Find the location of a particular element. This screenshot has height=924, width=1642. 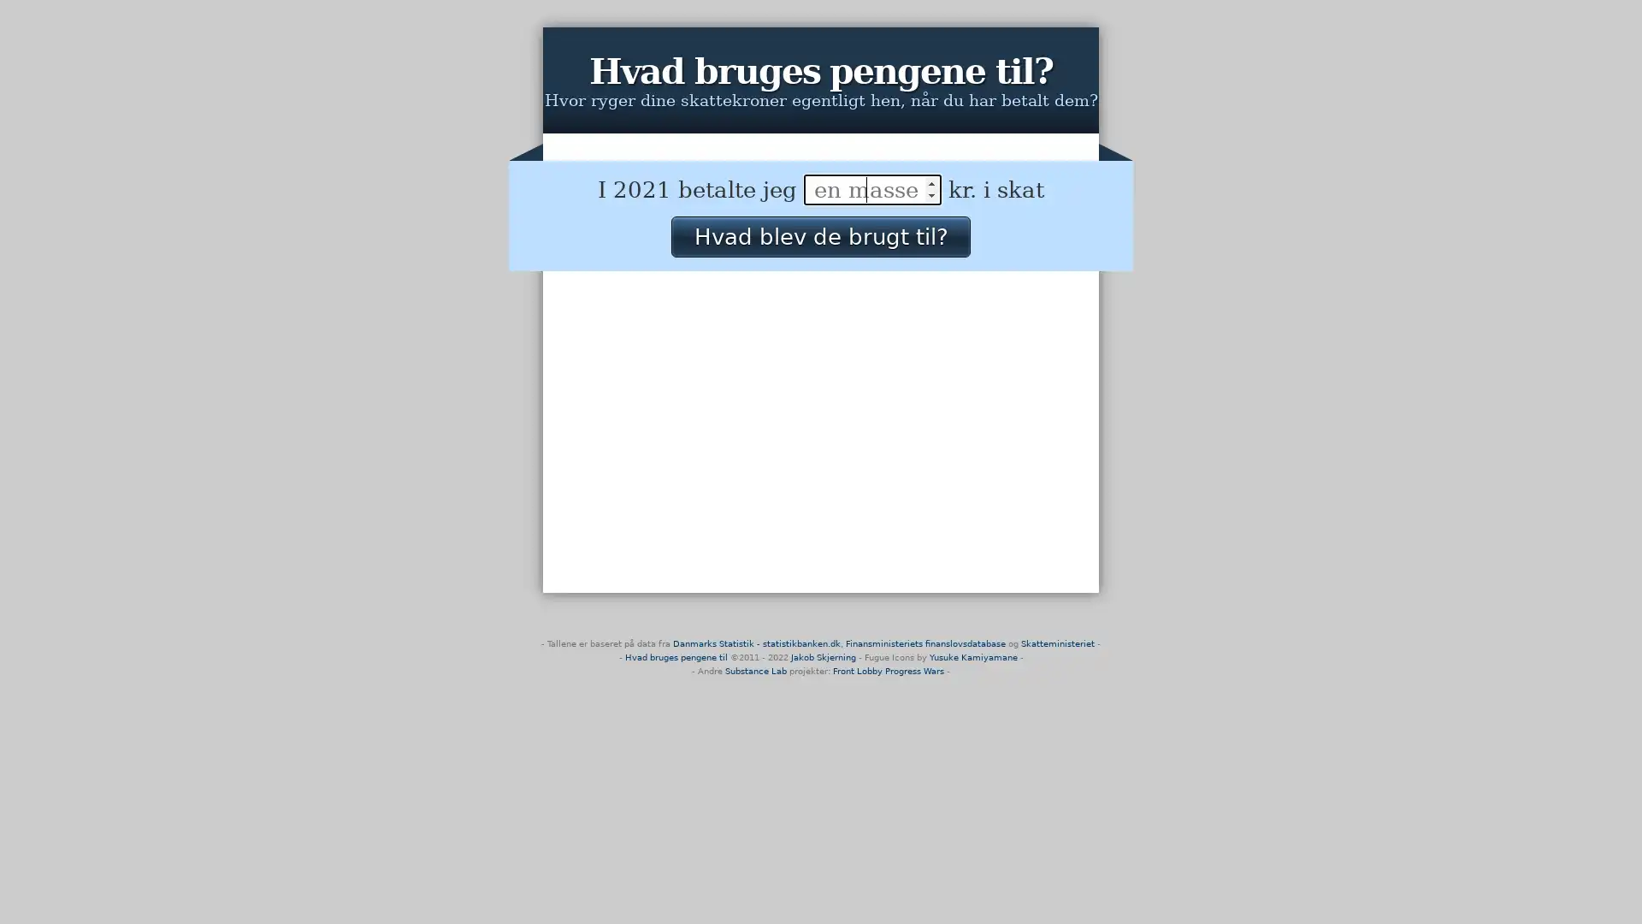

Hvad blev de brugt til? is located at coordinates (819, 236).